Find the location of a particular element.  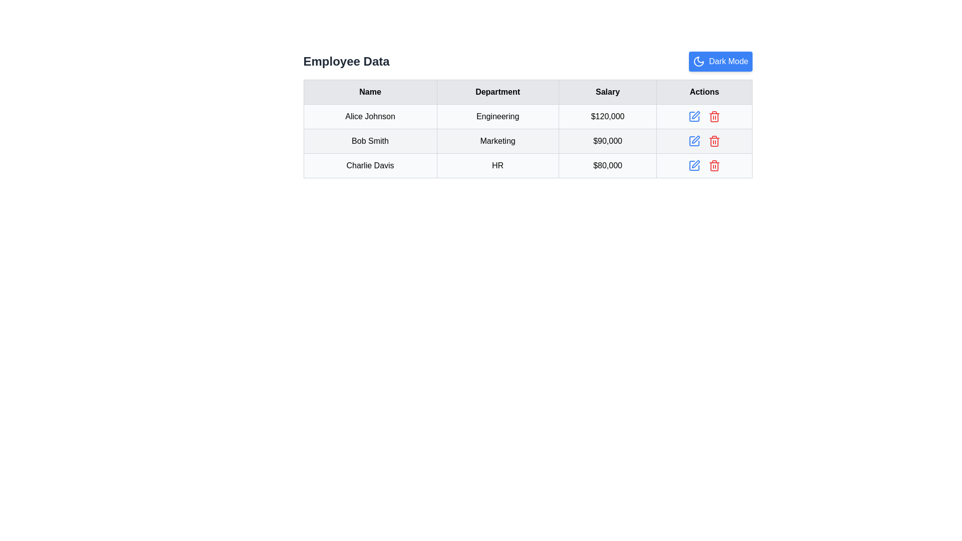

the button that toggles the user interface between light and dark modes, located at the top-right corner of the 'Employee Data' section is located at coordinates (720, 62).